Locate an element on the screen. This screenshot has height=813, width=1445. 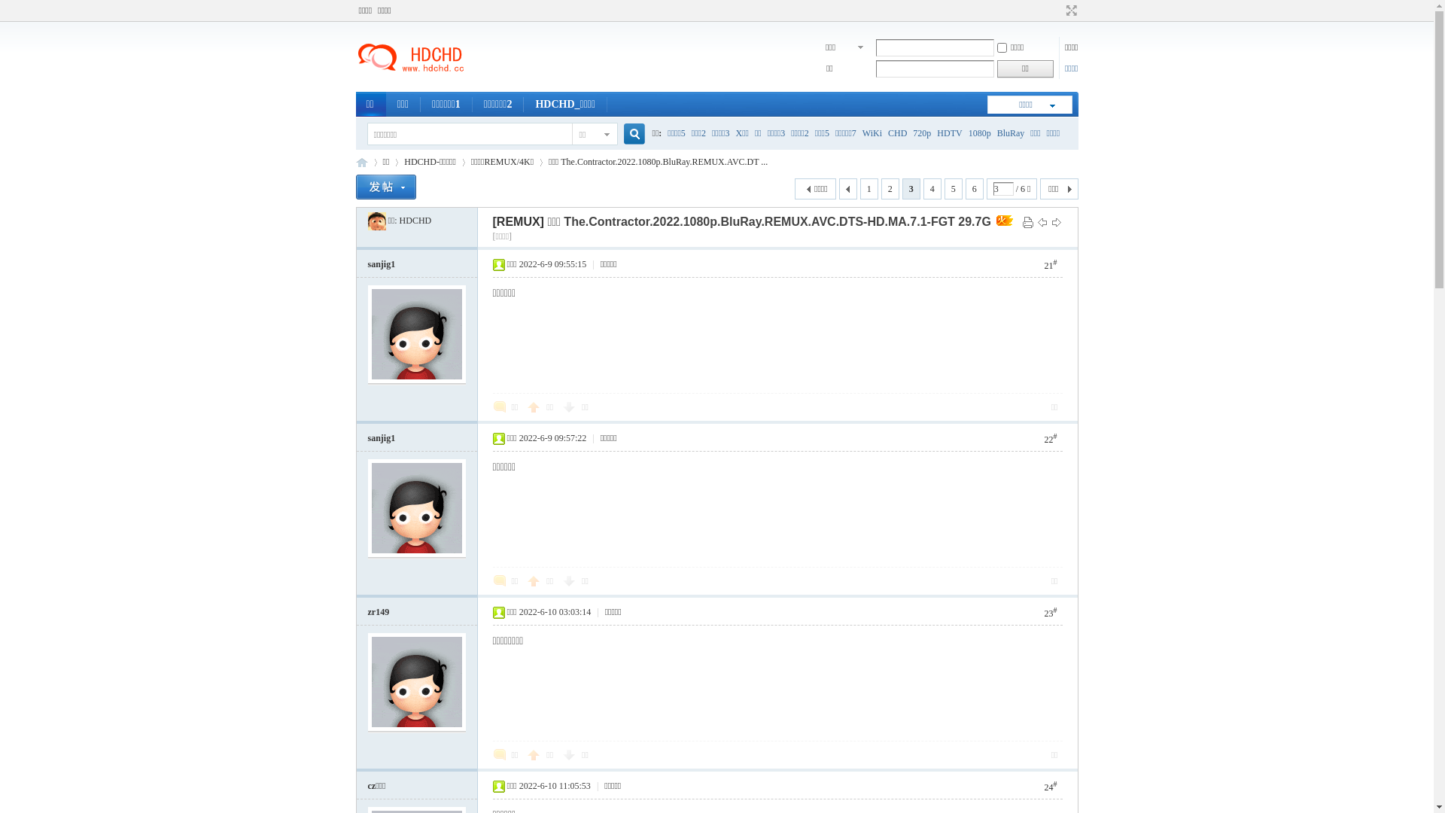
'1080p' is located at coordinates (979, 132).